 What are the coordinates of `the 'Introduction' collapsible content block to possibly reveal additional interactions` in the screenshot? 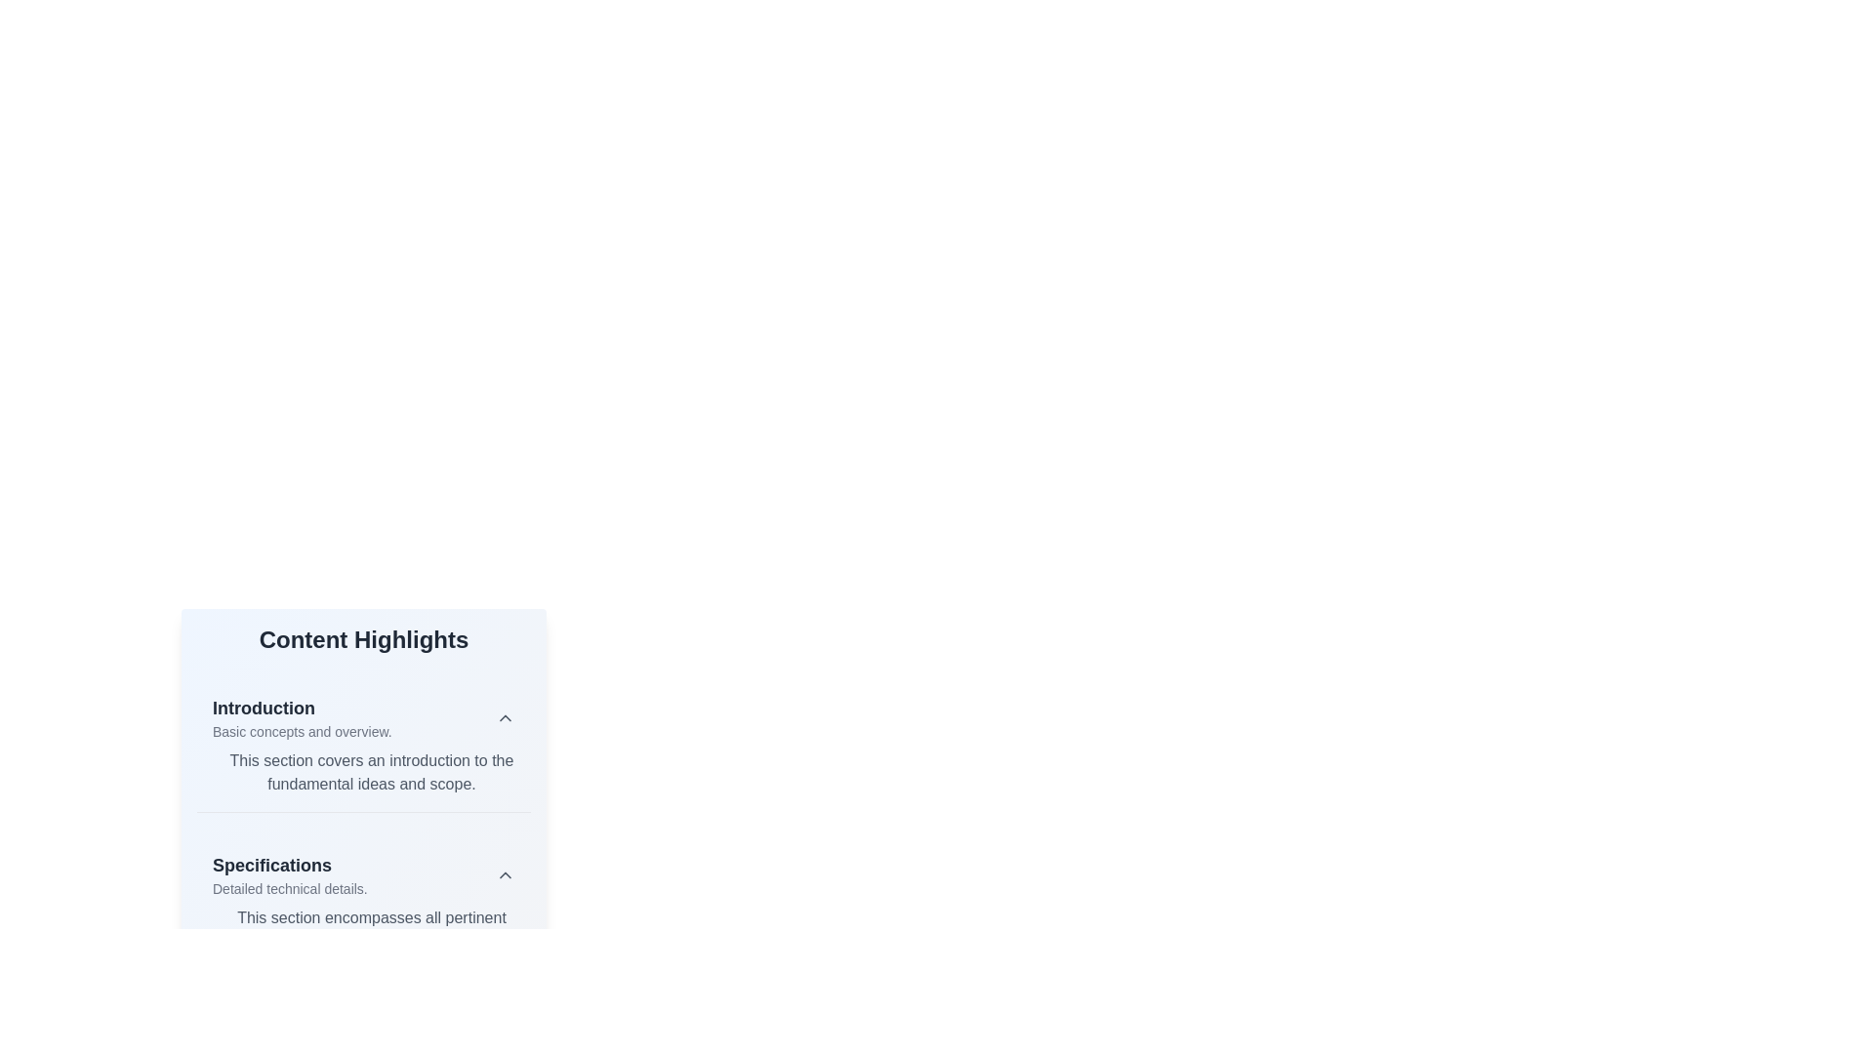 It's located at (364, 746).